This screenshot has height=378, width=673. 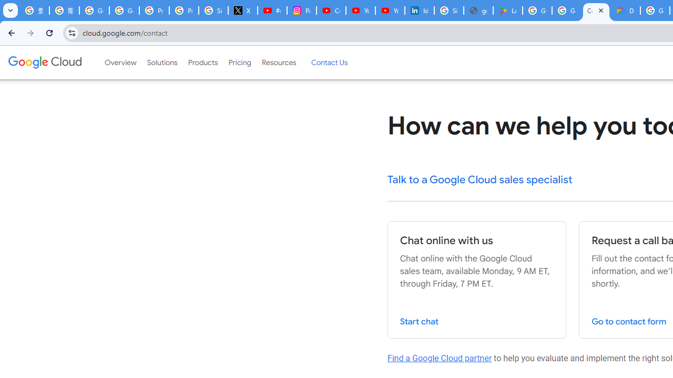 What do you see at coordinates (184, 10) in the screenshot?
I see `'Privacy Help Center - Policies Help'` at bounding box center [184, 10].